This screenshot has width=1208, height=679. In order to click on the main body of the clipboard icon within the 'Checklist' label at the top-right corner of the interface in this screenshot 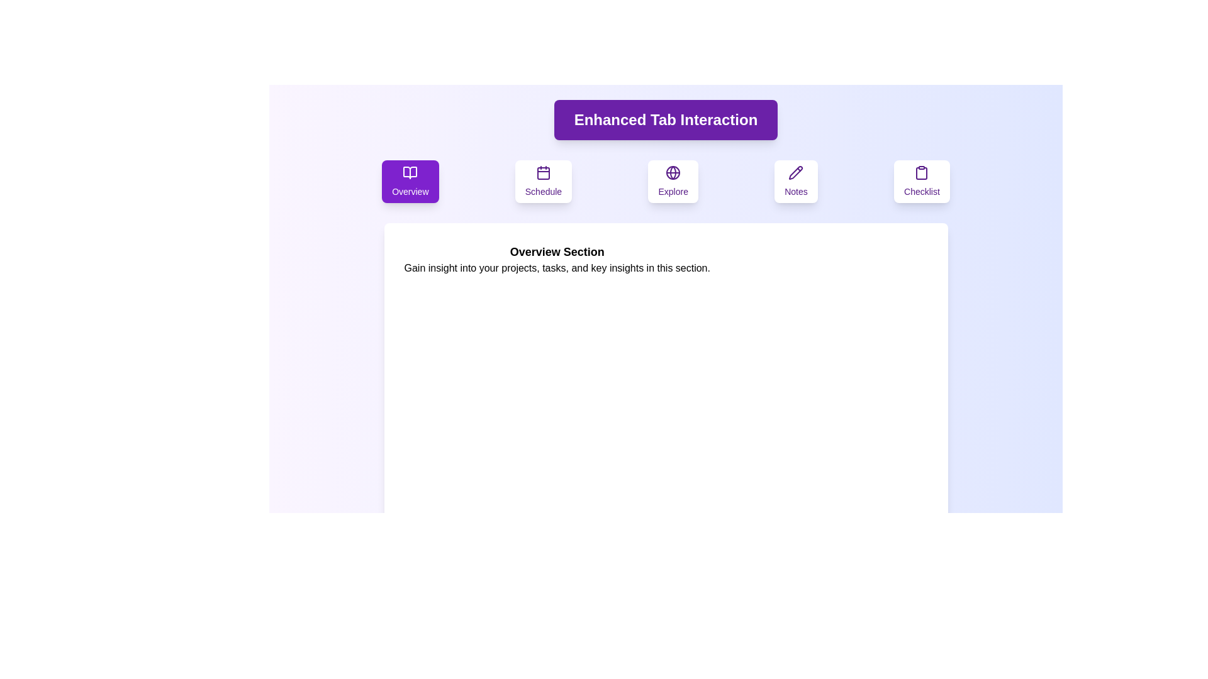, I will do `click(922, 174)`.